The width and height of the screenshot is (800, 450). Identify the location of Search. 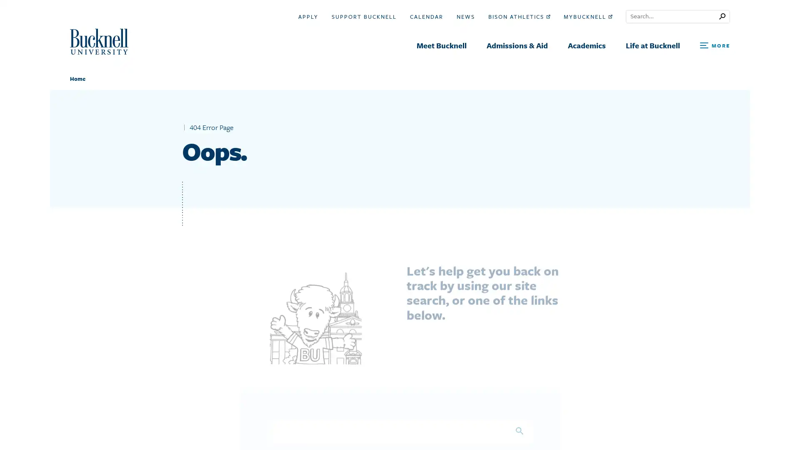
(519, 438).